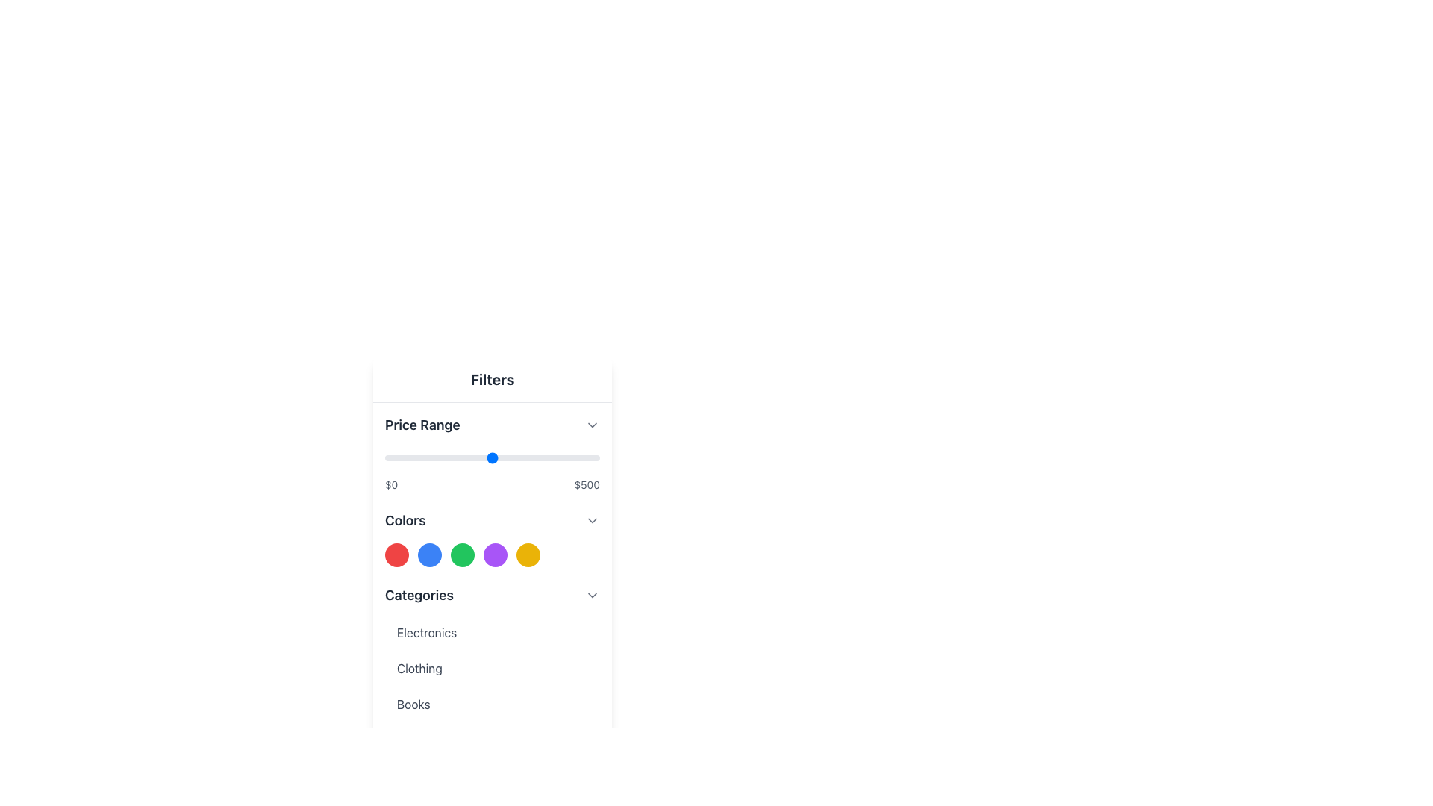  I want to click on the 'Books' button, which is the third item in the vertical list under the 'Categories' section, so click(493, 705).